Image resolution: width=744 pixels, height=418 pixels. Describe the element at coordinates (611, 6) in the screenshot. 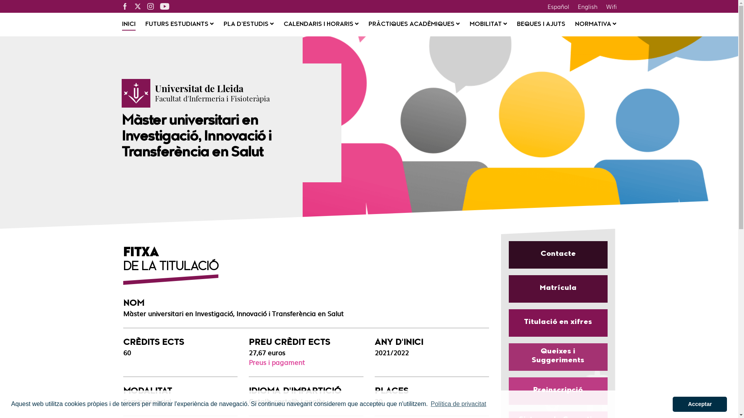

I see `'Wifi'` at that location.